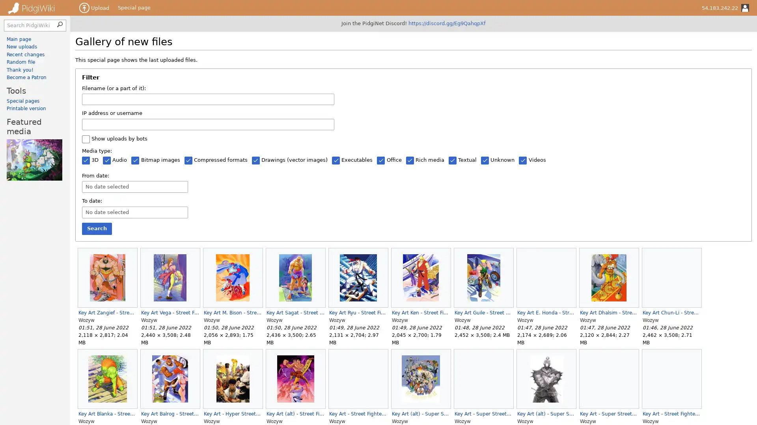 The width and height of the screenshot is (757, 425). I want to click on Search, so click(60, 23).